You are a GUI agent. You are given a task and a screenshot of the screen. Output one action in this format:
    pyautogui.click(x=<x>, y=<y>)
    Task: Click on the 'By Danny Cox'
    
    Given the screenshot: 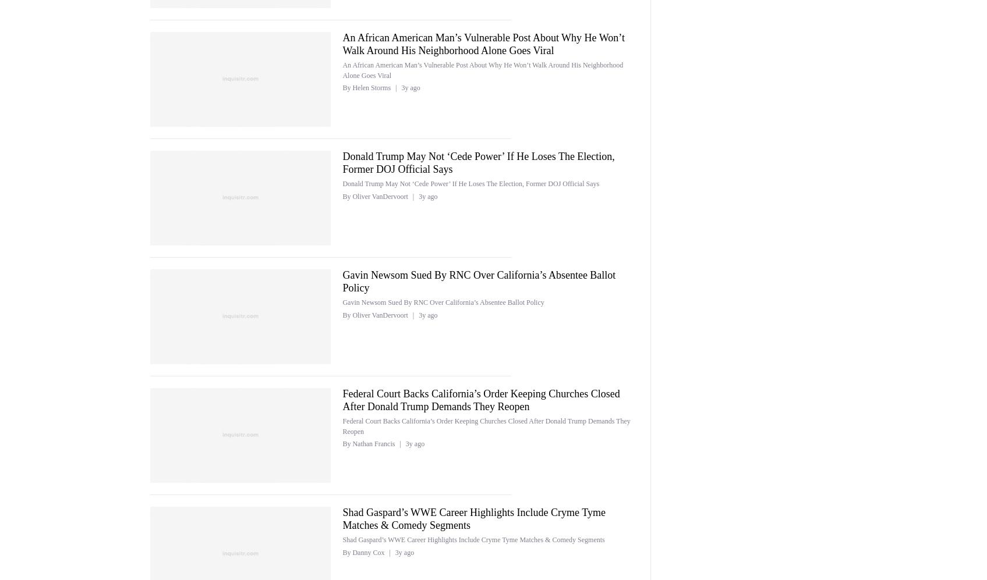 What is the action you would take?
    pyautogui.click(x=363, y=552)
    